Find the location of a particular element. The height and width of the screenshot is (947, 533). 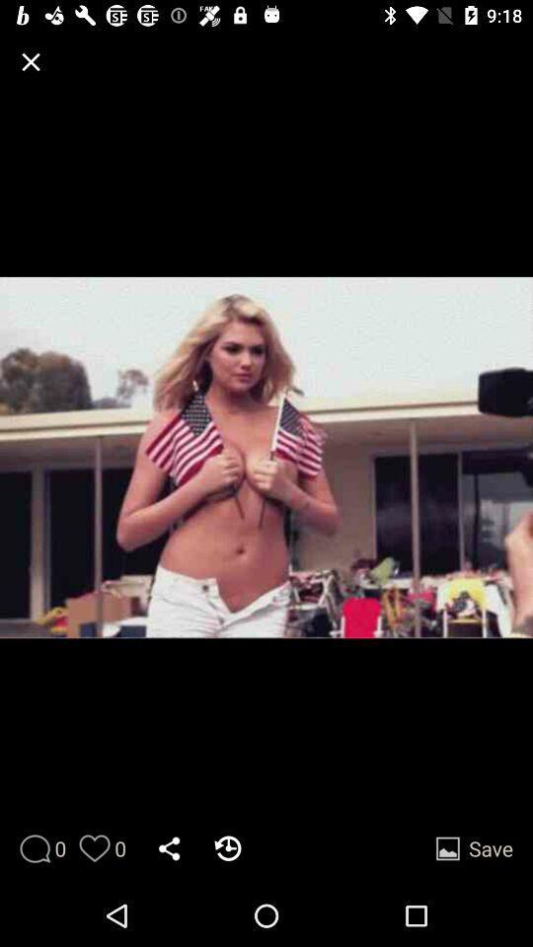

the history icon is located at coordinates (227, 847).